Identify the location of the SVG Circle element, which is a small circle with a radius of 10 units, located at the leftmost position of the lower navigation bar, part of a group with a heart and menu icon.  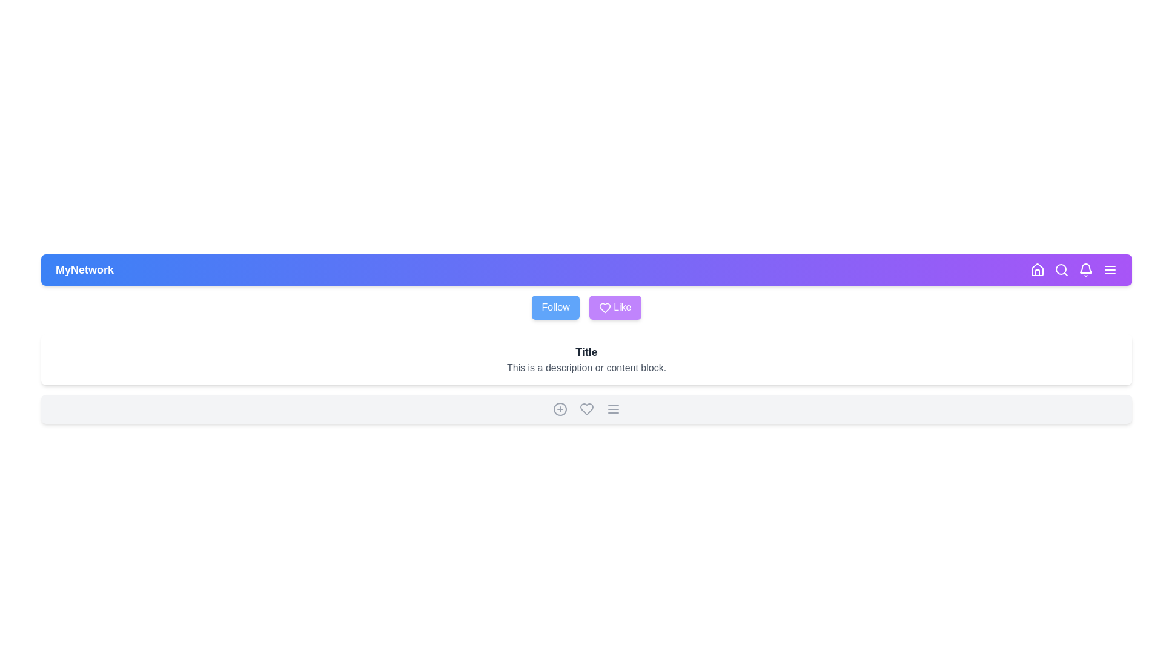
(559, 409).